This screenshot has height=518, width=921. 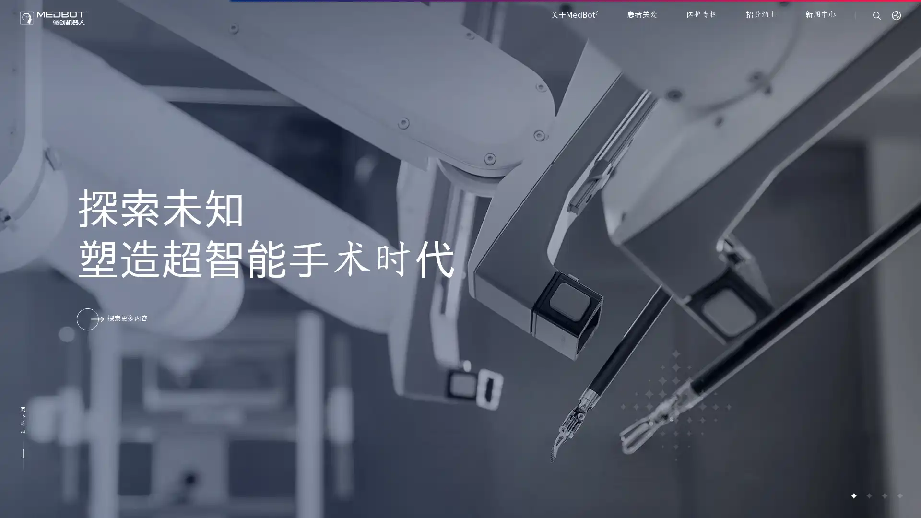 What do you see at coordinates (868, 495) in the screenshot?
I see `Go to slide 2` at bounding box center [868, 495].